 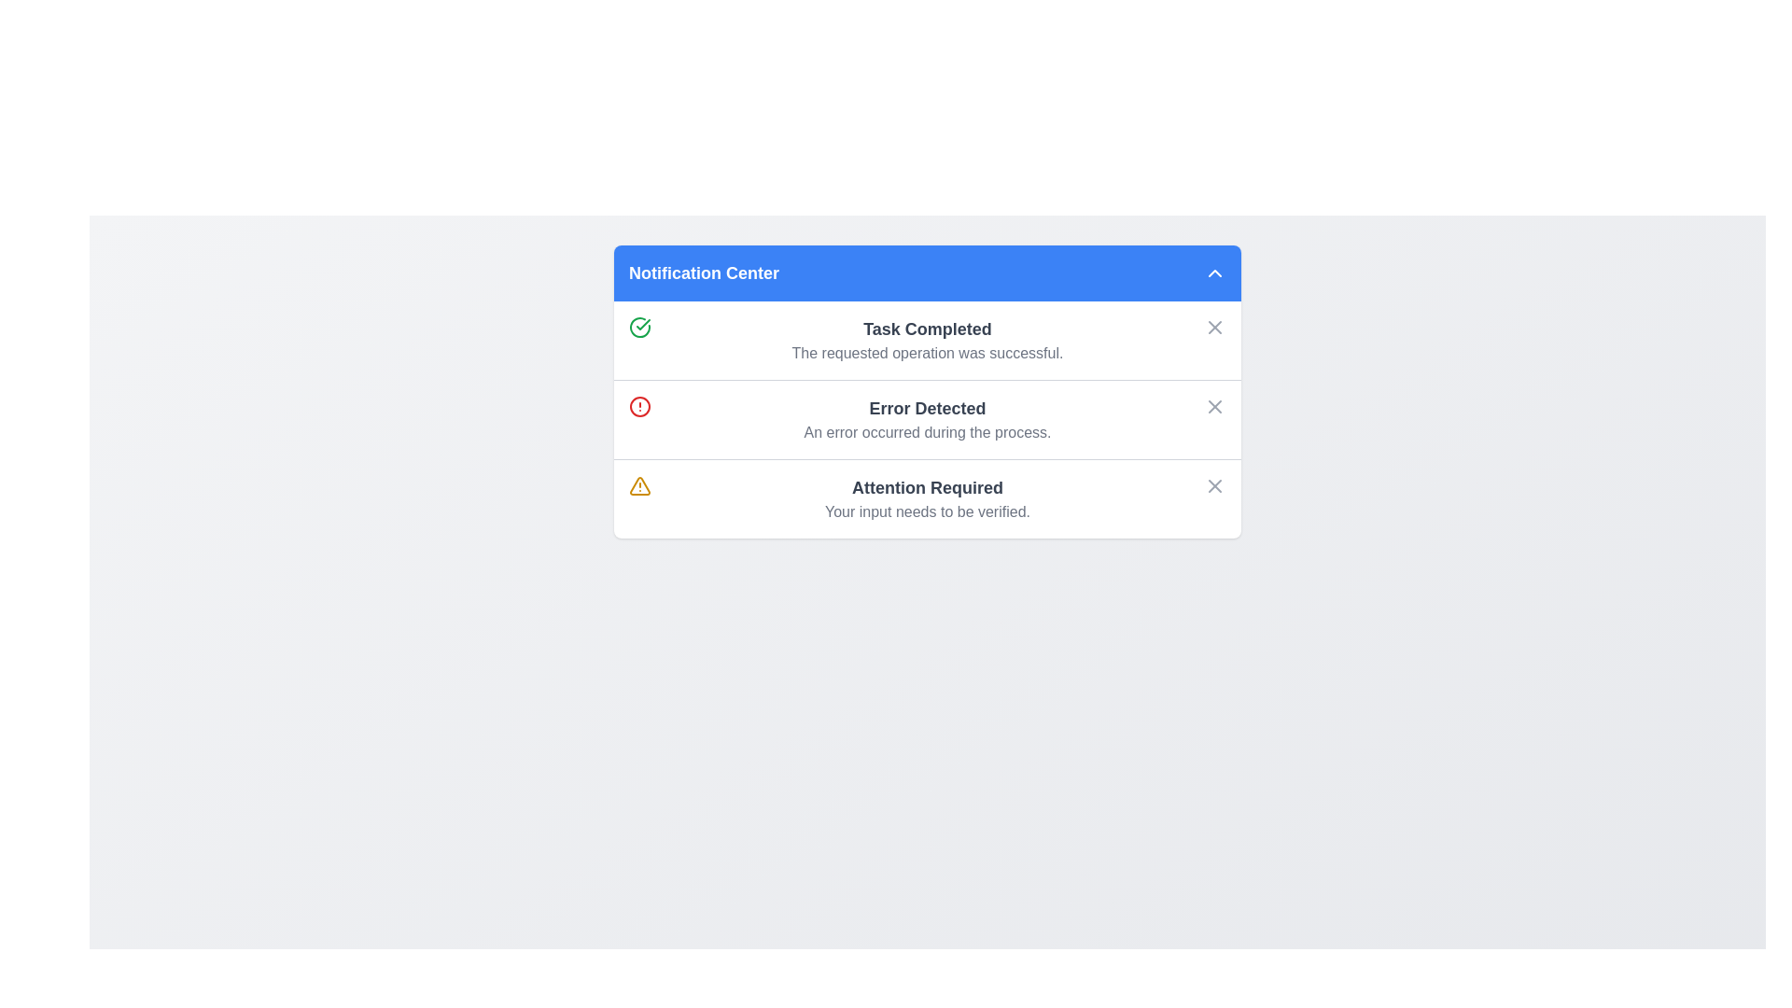 I want to click on text label 'Notification Center' which is displayed in bold, large font against a blue background at the top of the panel, so click(x=703, y=273).